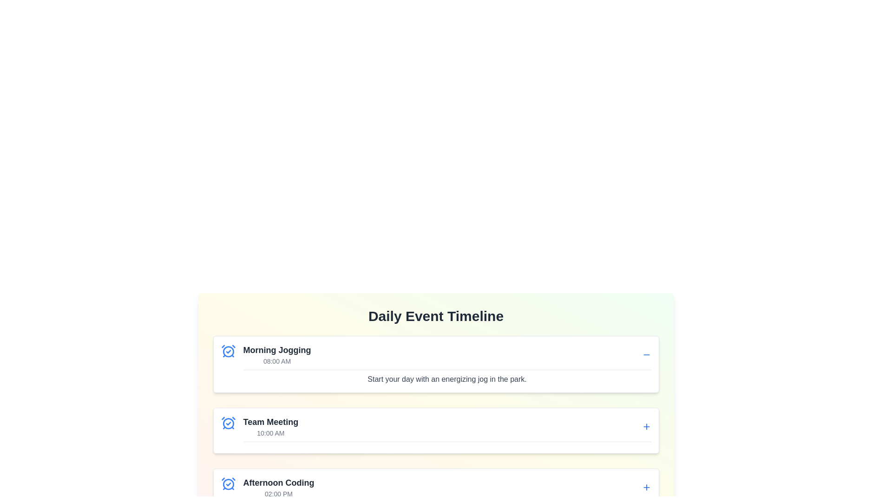  I want to click on the blue plus sign button located in the top-right corner of the 'Team Meeting' event card next to the text '10:00 AM', so click(646, 427).